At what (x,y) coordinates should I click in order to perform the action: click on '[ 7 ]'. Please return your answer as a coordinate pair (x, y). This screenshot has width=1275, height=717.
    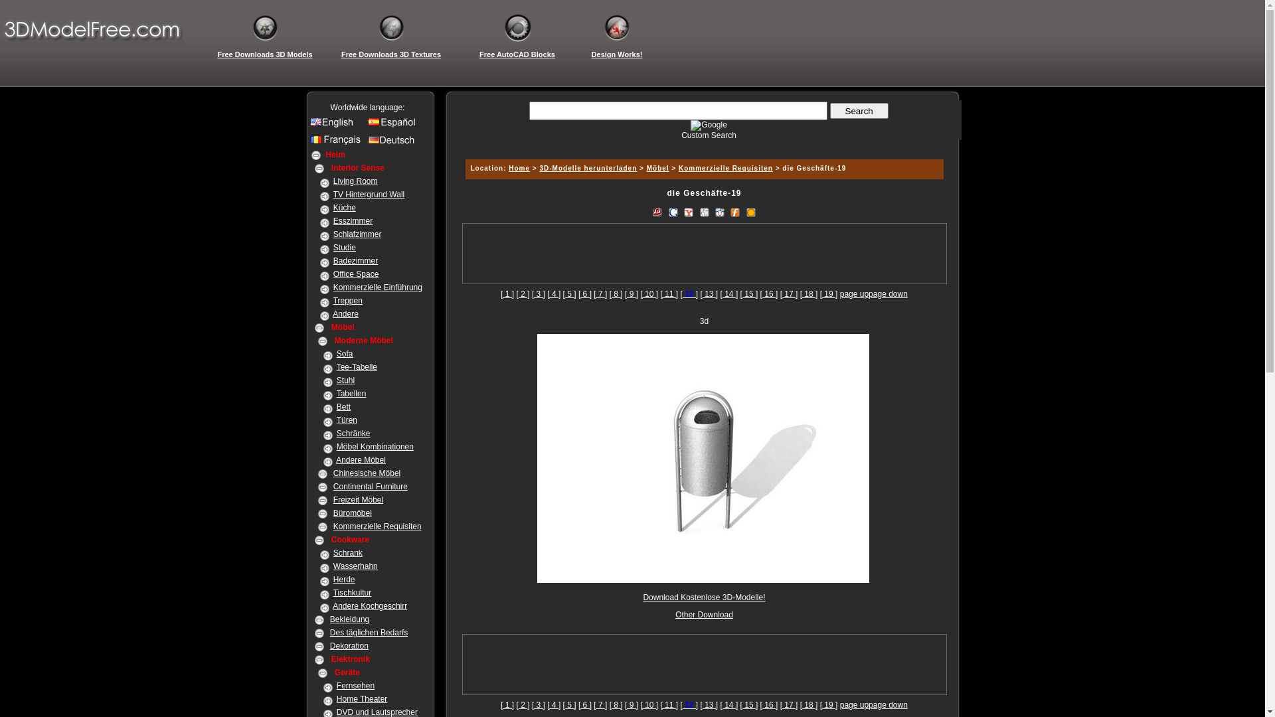
    Looking at the image, I should click on (592, 293).